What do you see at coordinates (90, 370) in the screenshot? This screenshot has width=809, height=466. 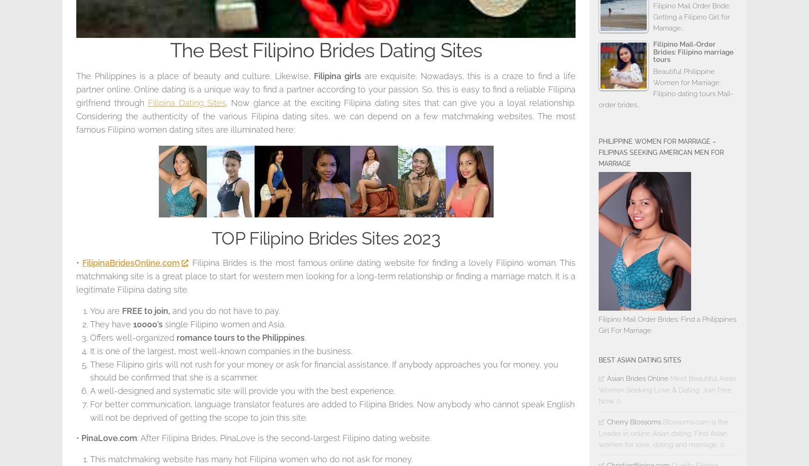 I see `'These Filipino girls will not rush for your money or ask for financial assistance. If anybody approaches you for money, you should be confirmed that she is a scammer.'` at bounding box center [90, 370].